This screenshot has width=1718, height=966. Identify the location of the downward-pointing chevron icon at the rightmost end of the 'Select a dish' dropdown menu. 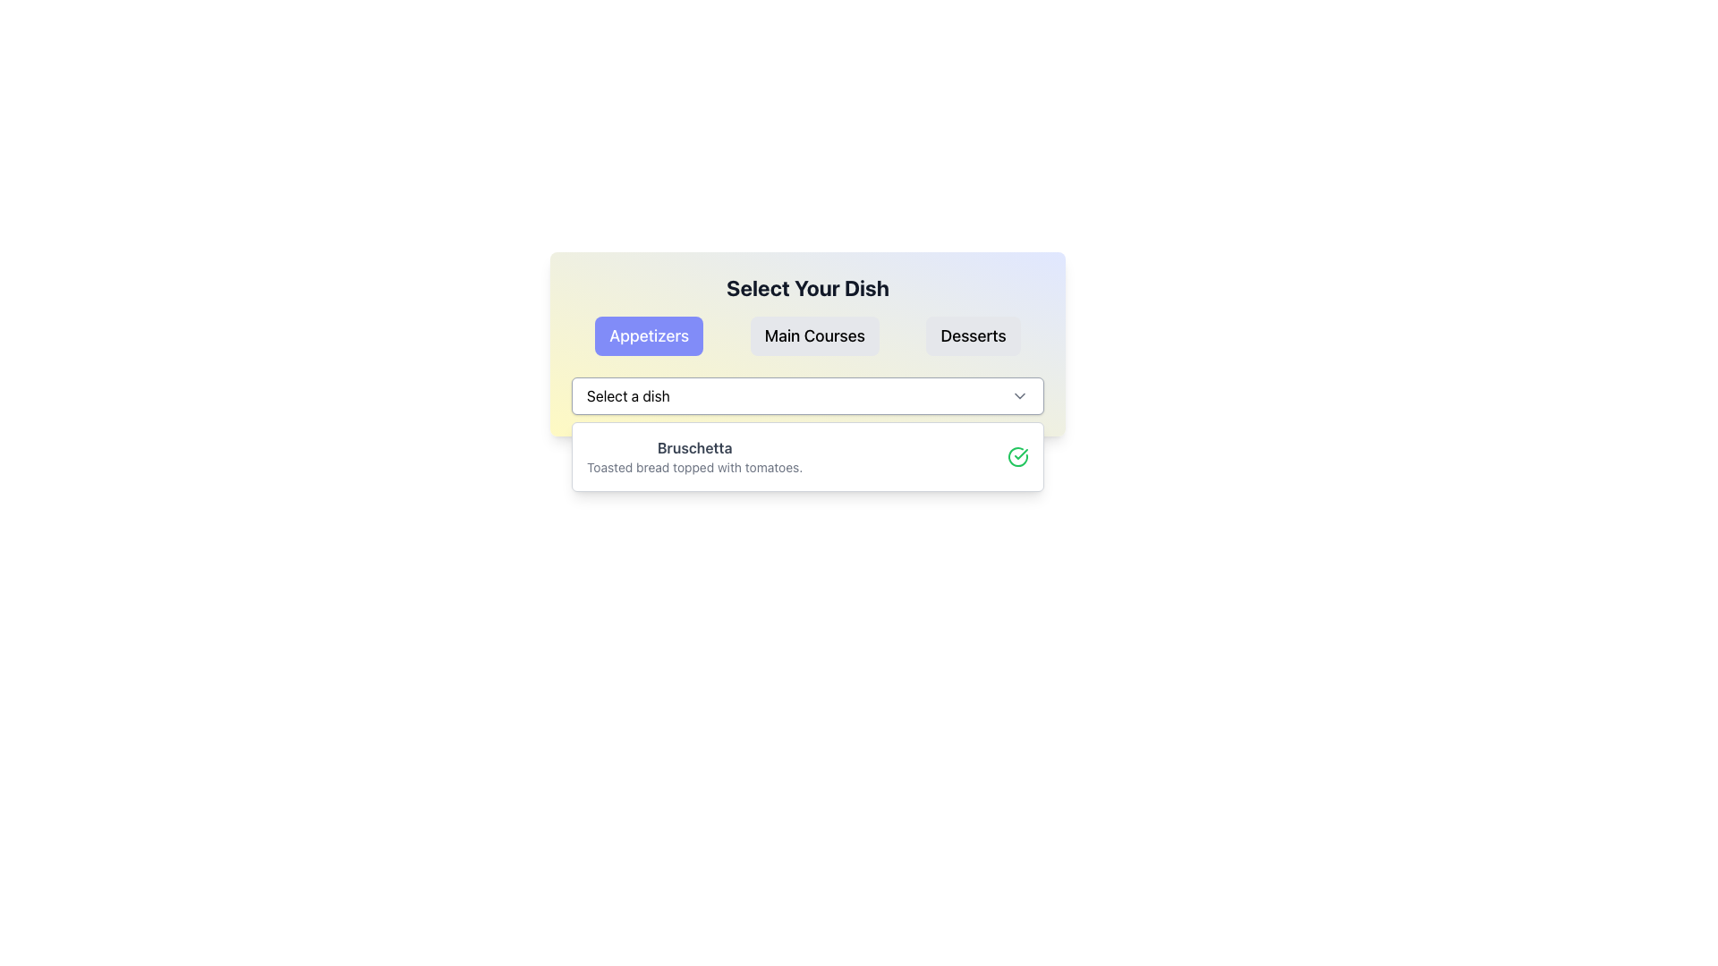
(1020, 395).